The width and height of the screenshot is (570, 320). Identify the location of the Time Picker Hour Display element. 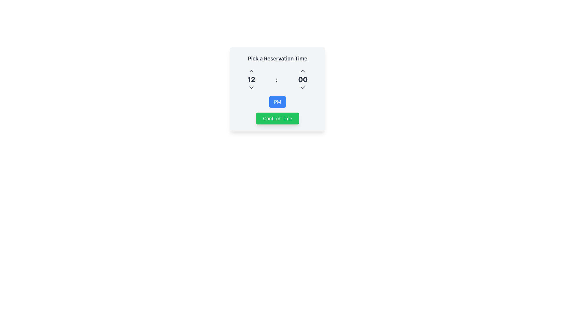
(251, 79).